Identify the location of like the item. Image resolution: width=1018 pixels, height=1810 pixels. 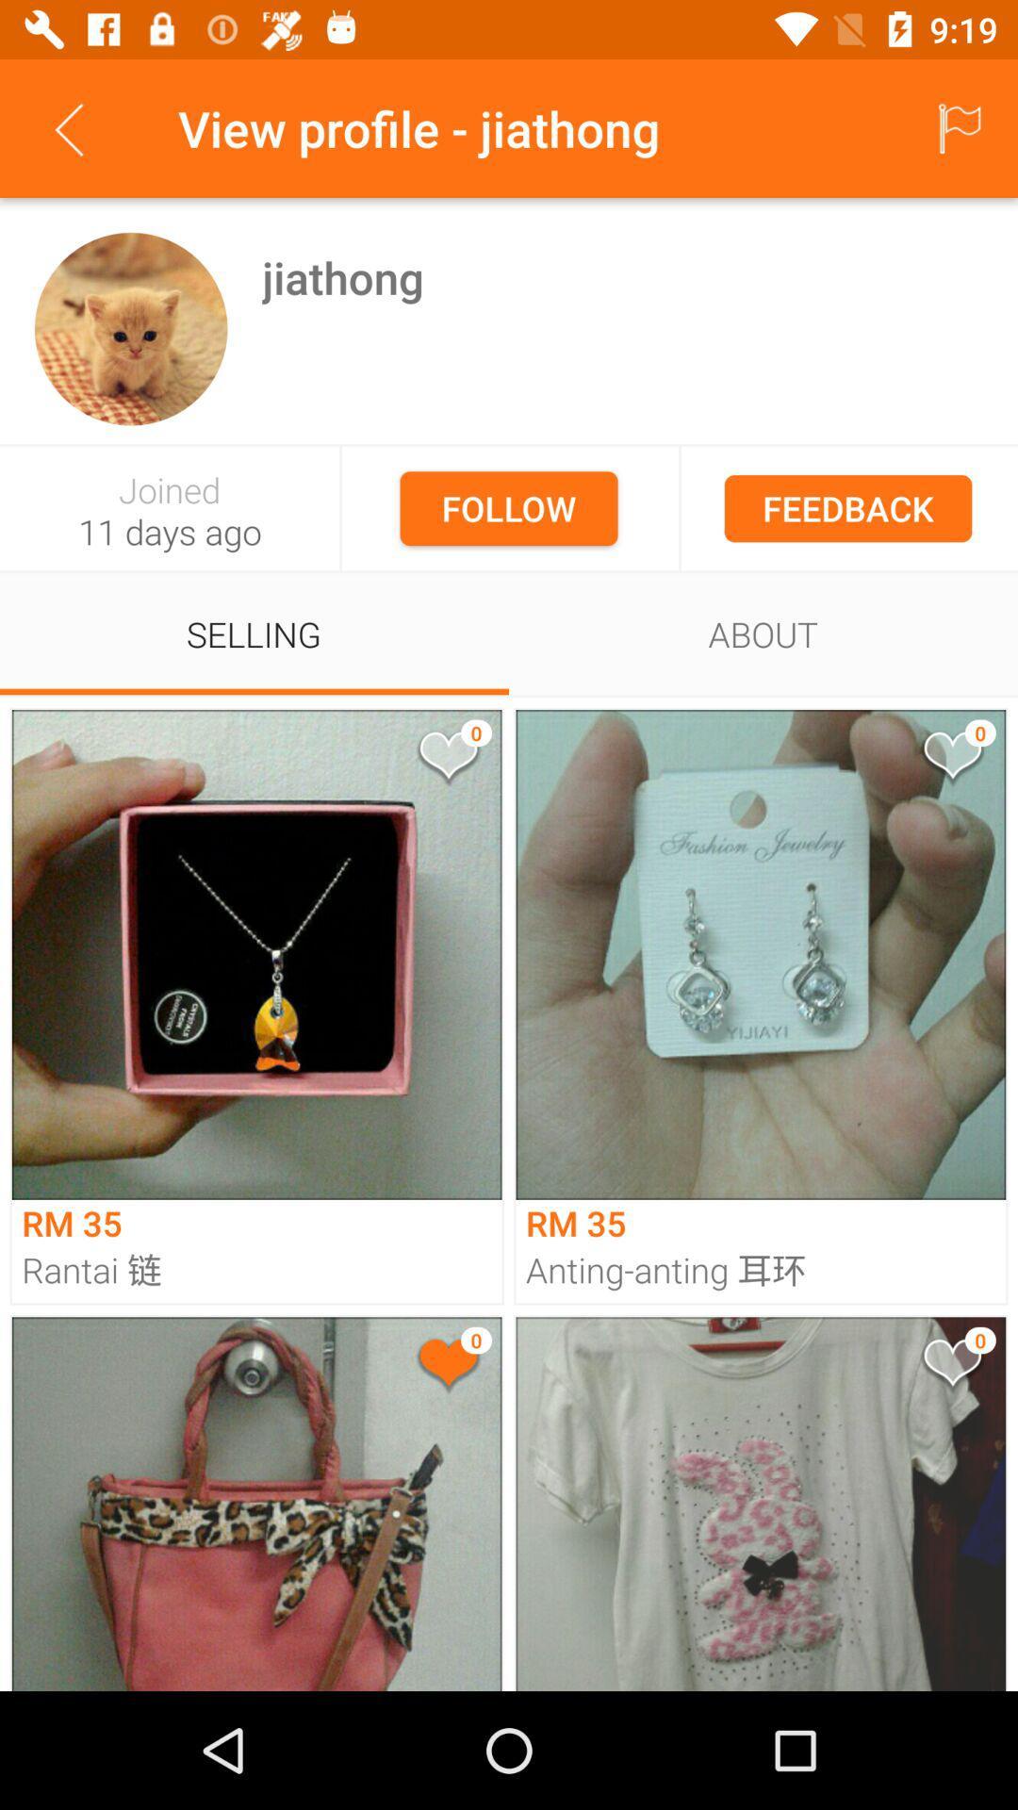
(951, 1366).